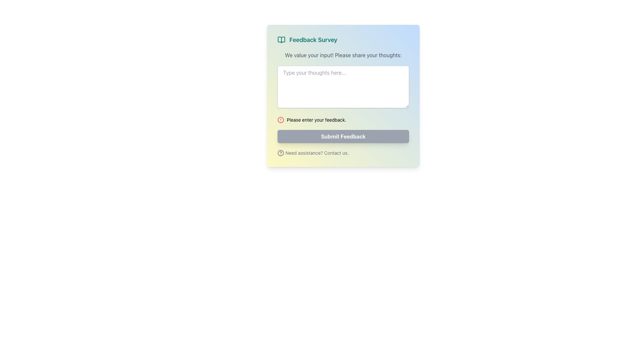 This screenshot has height=357, width=635. What do you see at coordinates (281, 153) in the screenshot?
I see `the help icon that accompanies the text 'Need assistance? Contact us.' located at the bottom of the interface, beneath the 'Submit Feedback' button` at bounding box center [281, 153].